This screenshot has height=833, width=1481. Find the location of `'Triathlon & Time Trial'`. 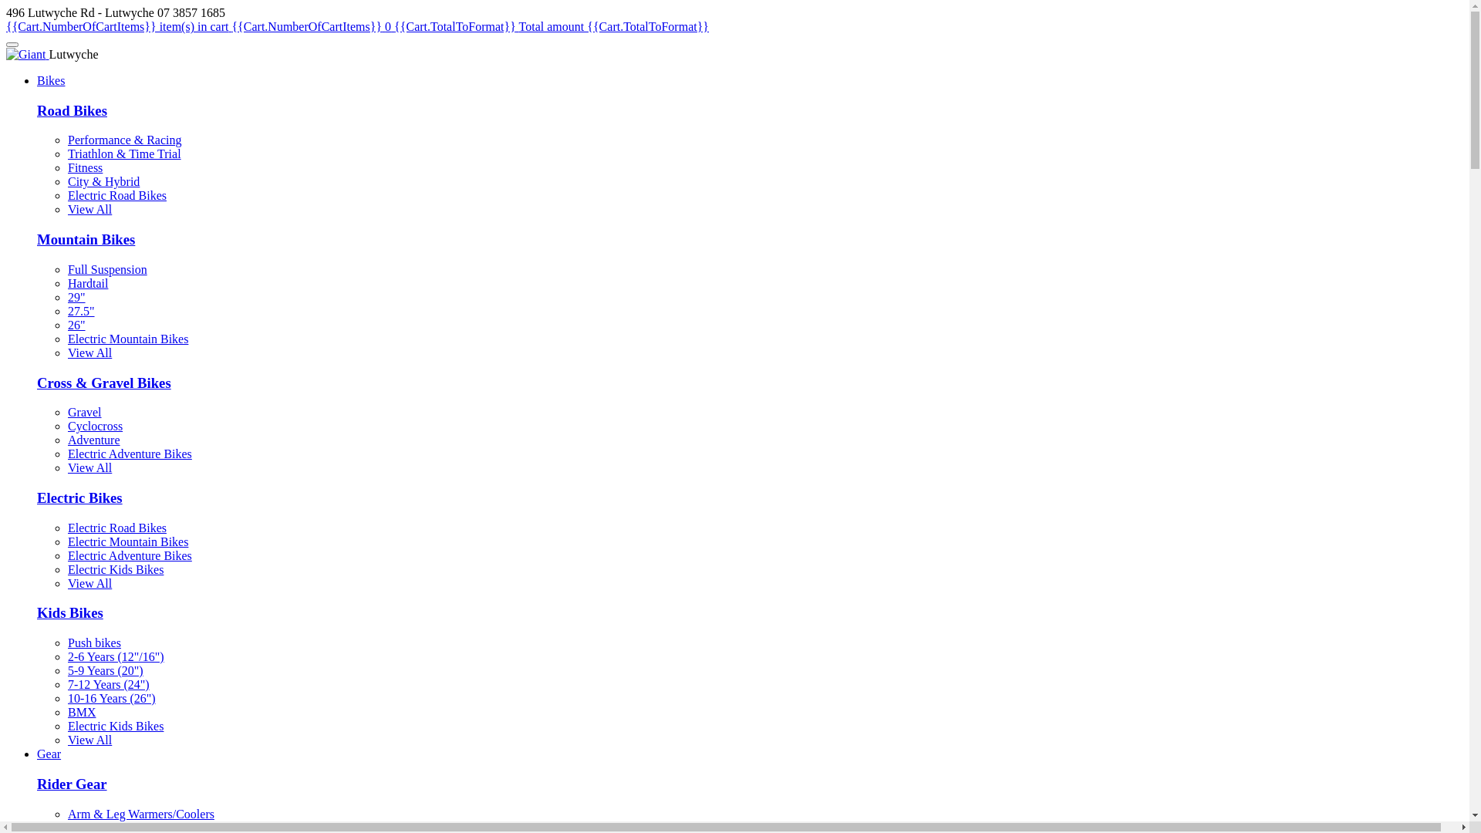

'Triathlon & Time Trial' is located at coordinates (124, 153).